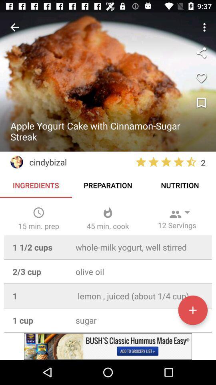 Image resolution: width=216 pixels, height=385 pixels. Describe the element at coordinates (201, 78) in the screenshot. I see `the favorite icon` at that location.